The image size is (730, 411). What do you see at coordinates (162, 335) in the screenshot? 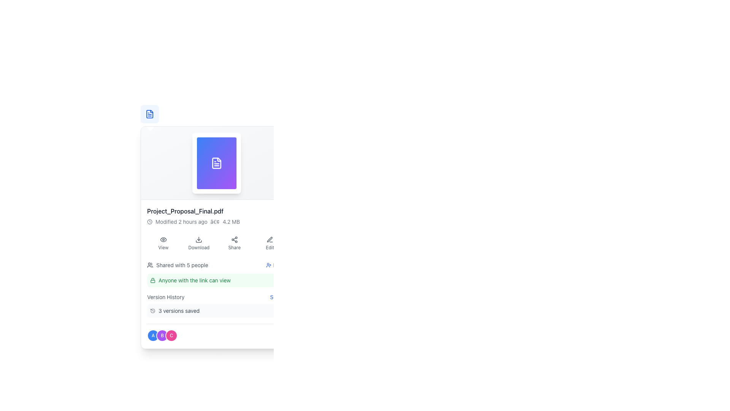
I see `the circular badge with a purple background and a bold white letter 'B' in the center, which is the middle badge in a group of three badges labeled 'A', 'B', and 'C'` at bounding box center [162, 335].